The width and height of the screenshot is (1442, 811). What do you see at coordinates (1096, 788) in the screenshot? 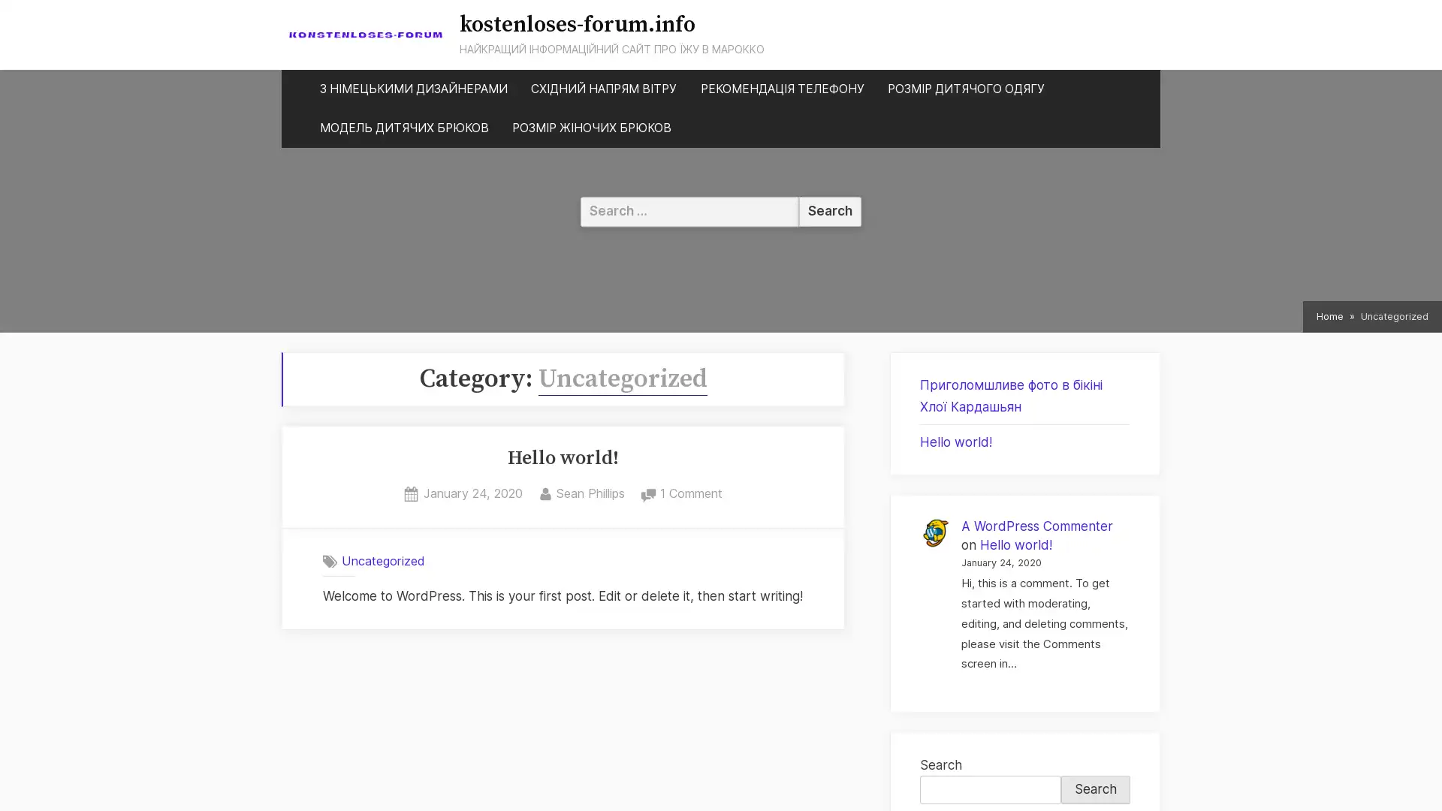
I see `Search` at bounding box center [1096, 788].